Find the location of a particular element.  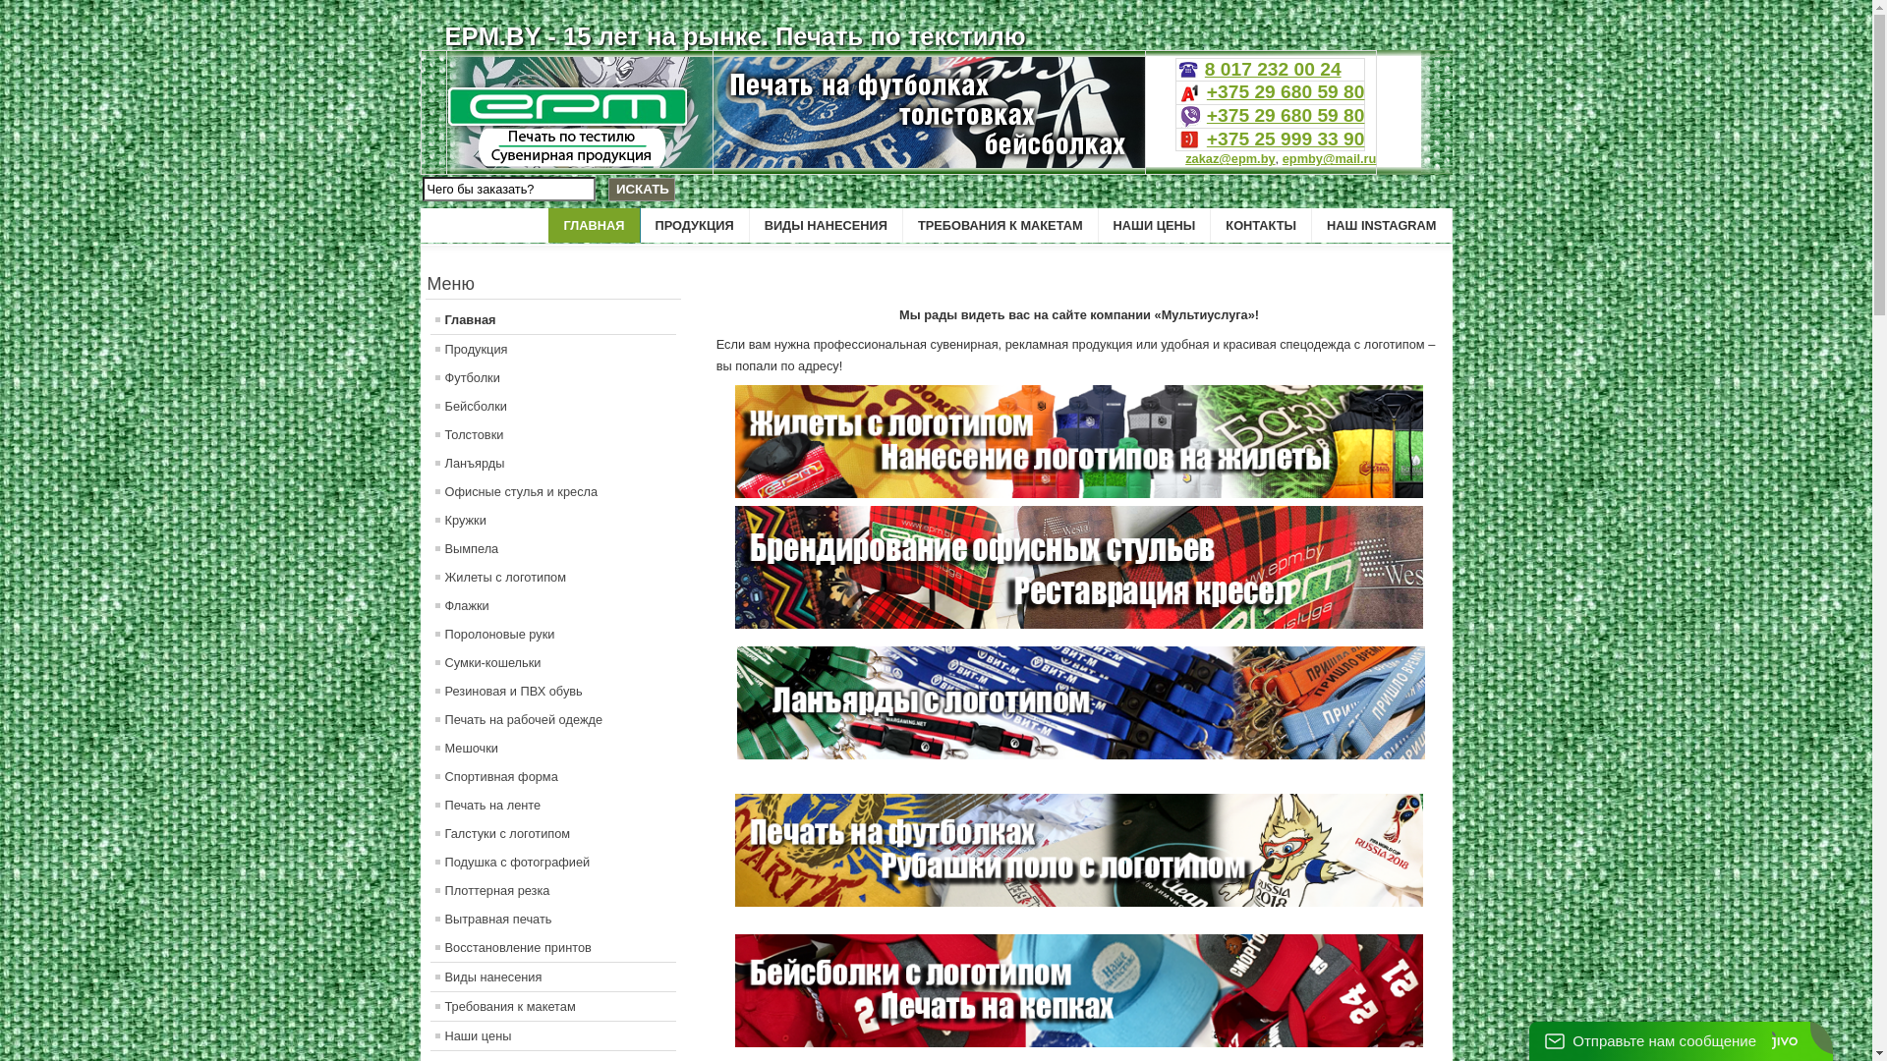

'+375 29 680 59 80' is located at coordinates (1286, 115).